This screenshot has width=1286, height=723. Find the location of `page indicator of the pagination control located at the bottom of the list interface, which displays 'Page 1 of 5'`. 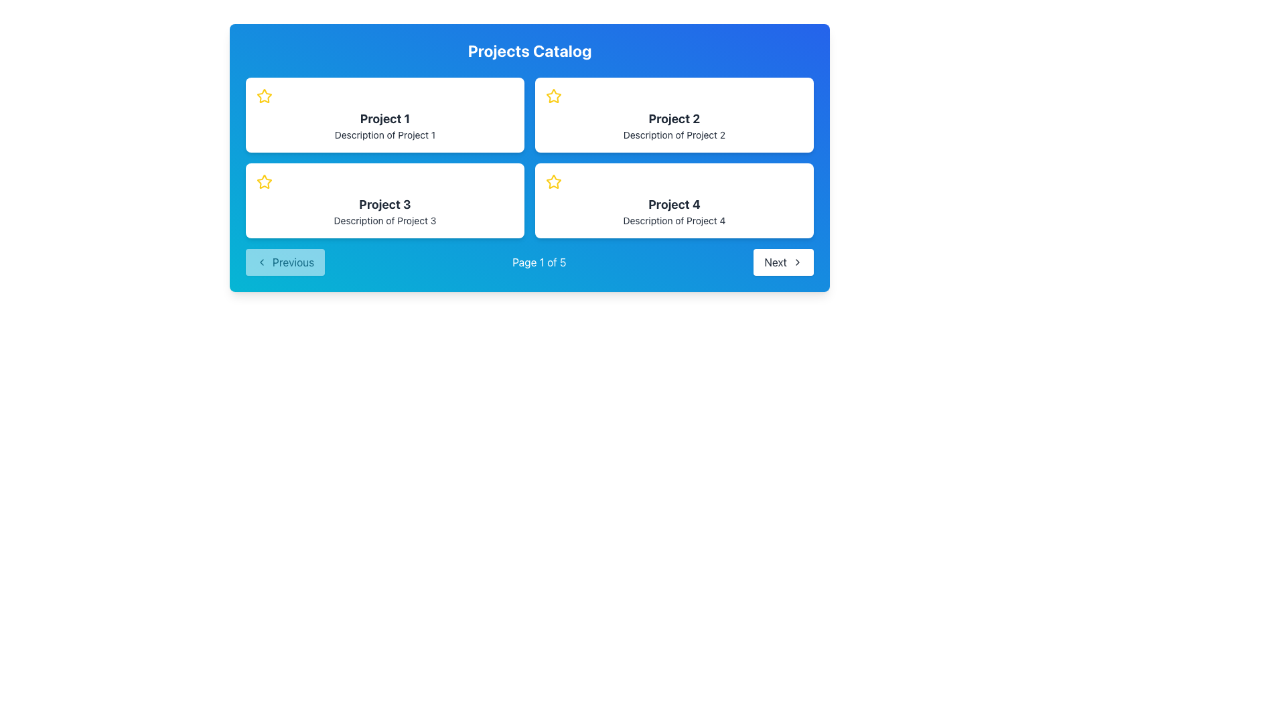

page indicator of the pagination control located at the bottom of the list interface, which displays 'Page 1 of 5' is located at coordinates (529, 262).